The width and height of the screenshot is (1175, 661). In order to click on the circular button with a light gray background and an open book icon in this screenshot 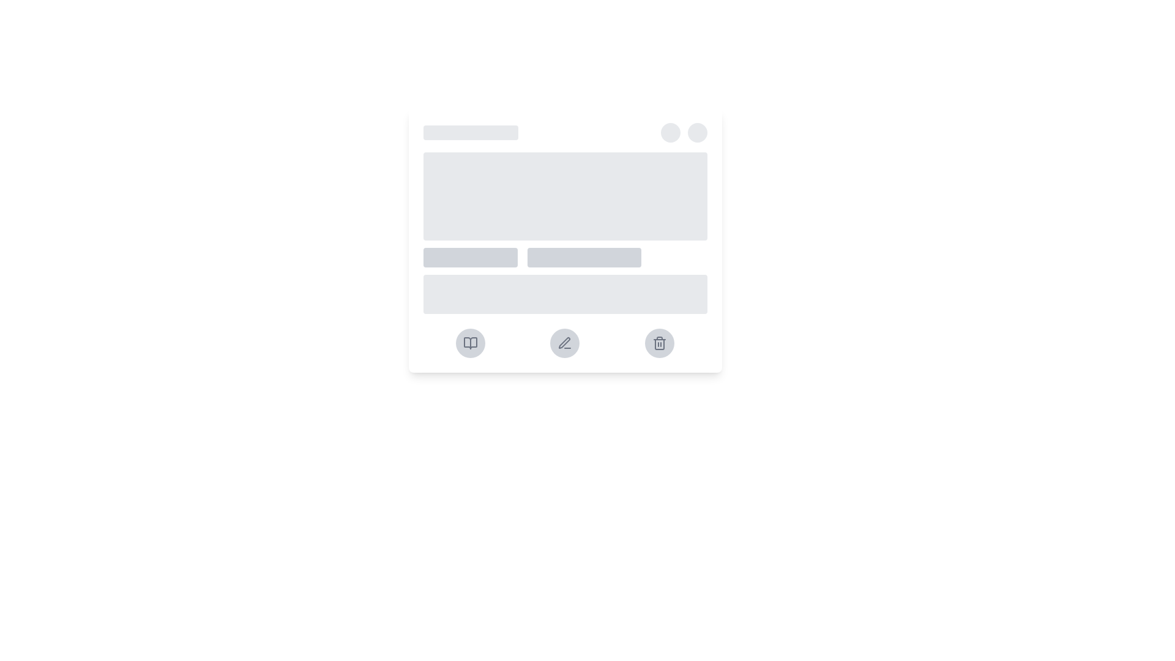, I will do `click(469, 343)`.